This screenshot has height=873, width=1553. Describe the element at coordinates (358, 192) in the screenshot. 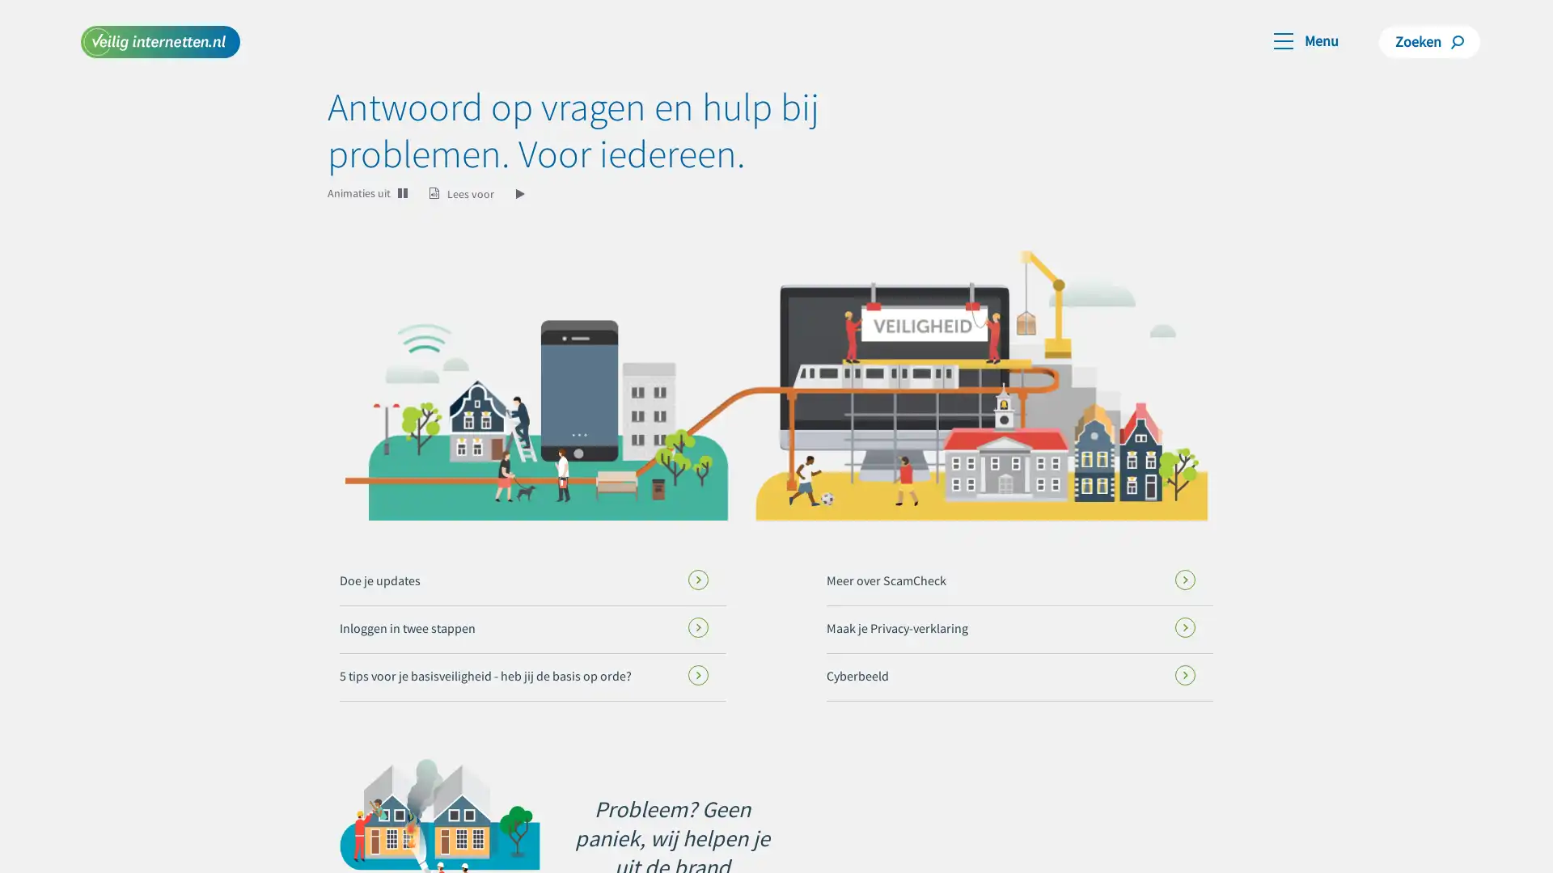

I see `Animaties uit` at that location.